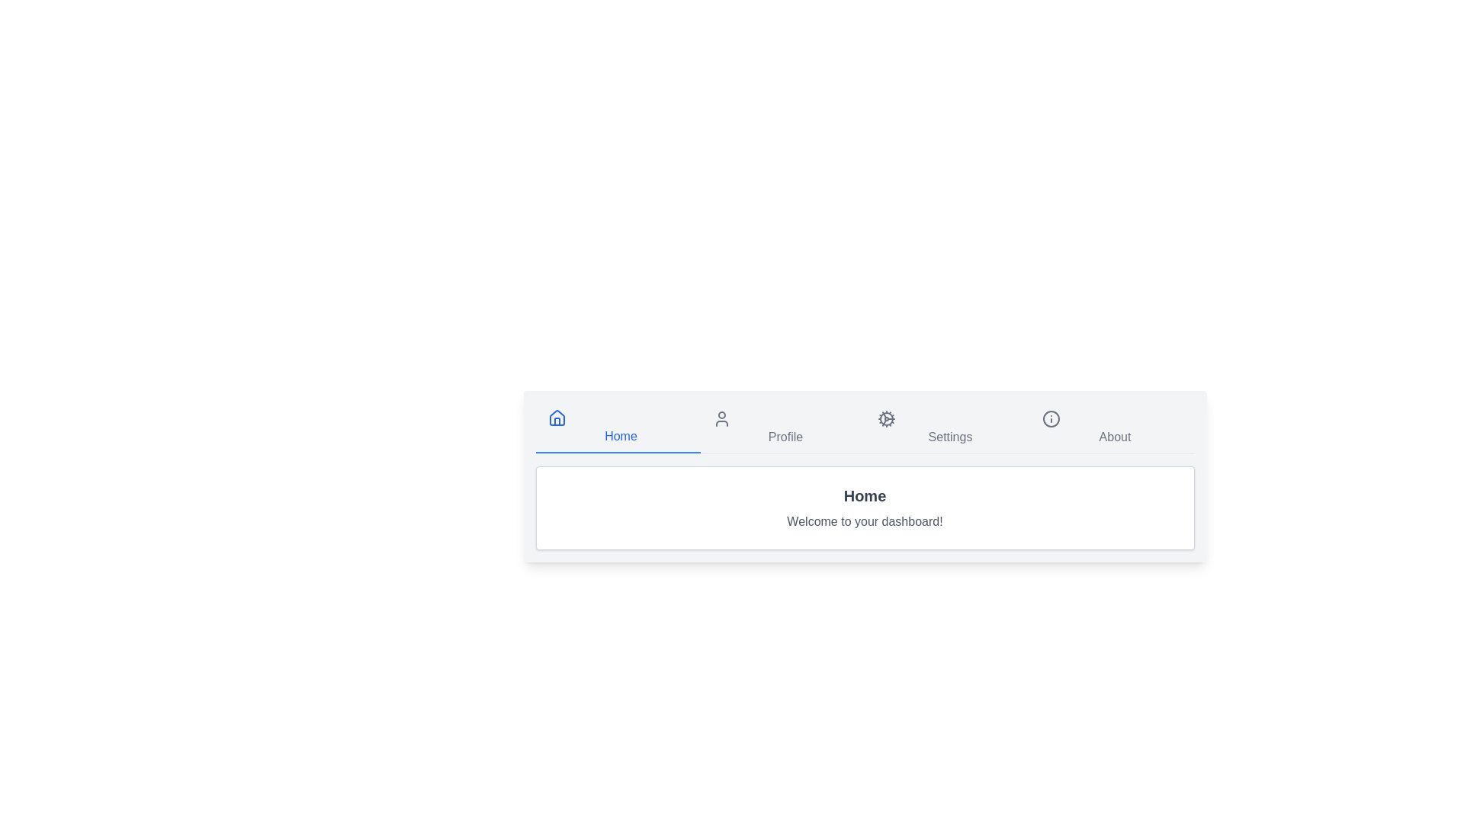  I want to click on the Home tab by clicking on its navigation button, so click(618, 428).